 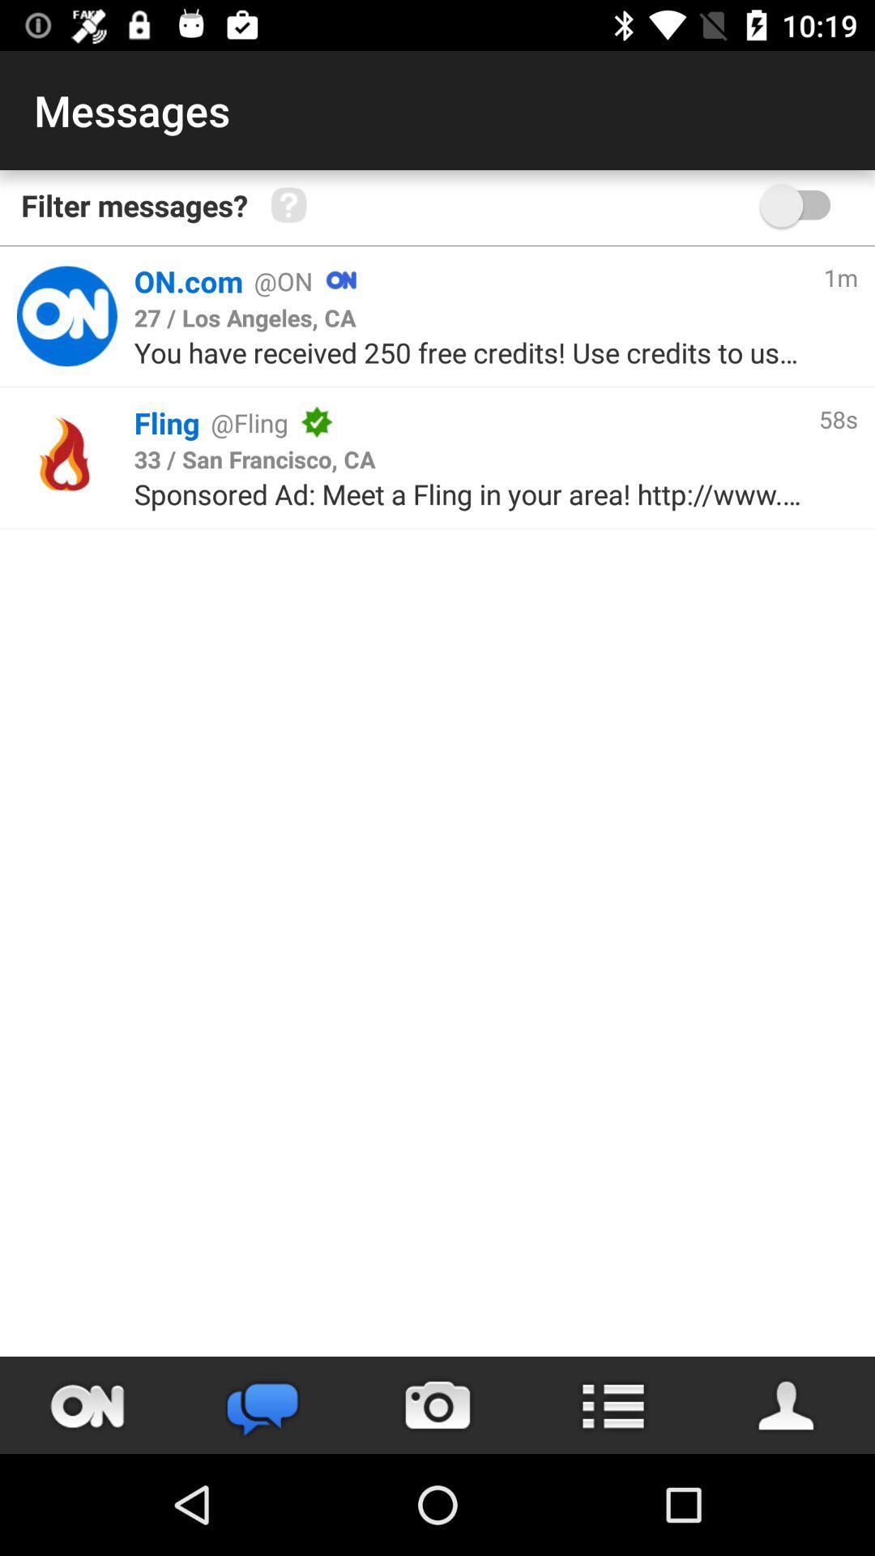 I want to click on camera, so click(x=437, y=1404).